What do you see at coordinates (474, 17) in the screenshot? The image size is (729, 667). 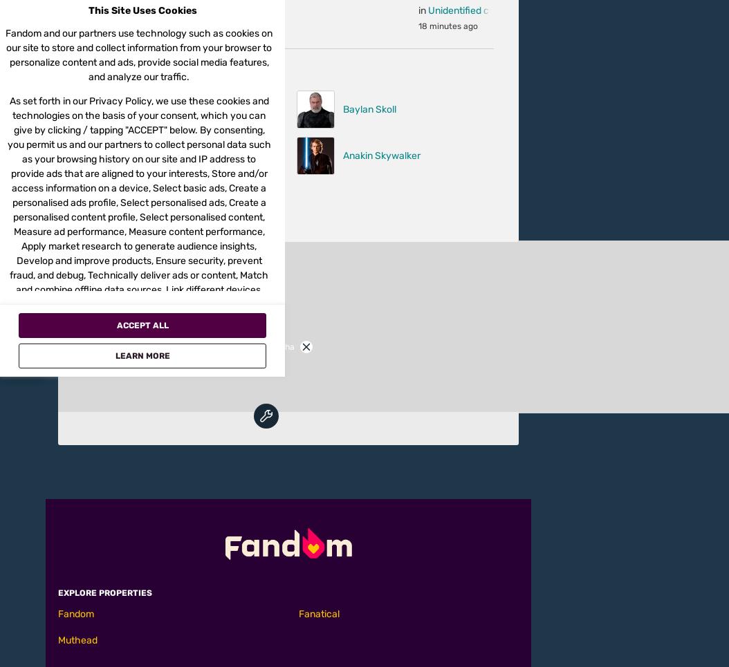 I see `'(2017) 16'` at bounding box center [474, 17].